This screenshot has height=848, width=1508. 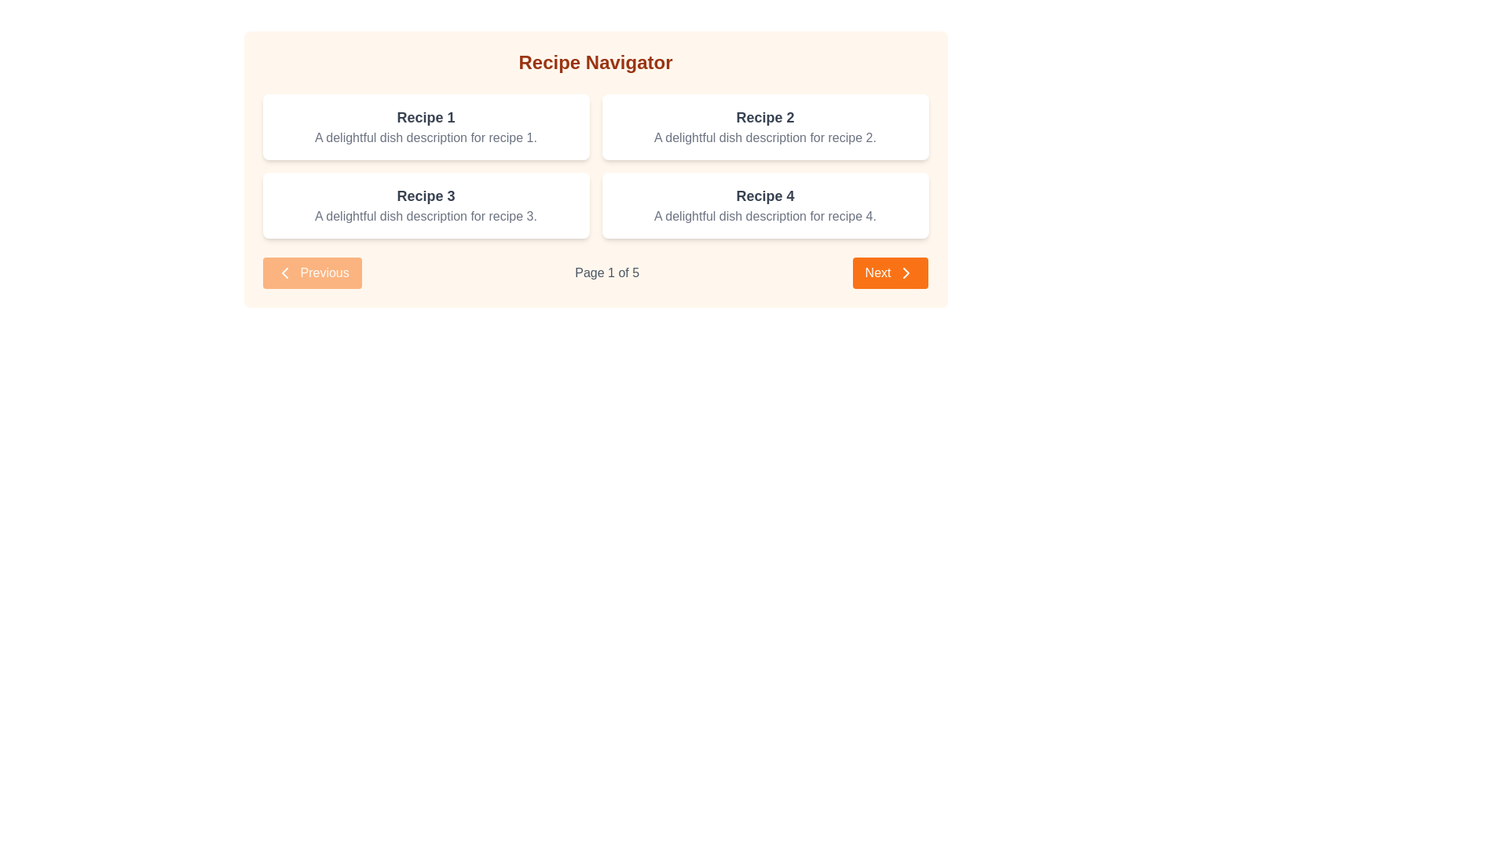 What do you see at coordinates (765, 205) in the screenshot?
I see `the recipe card for Recipe 4 located in the bottom-right position of the grid` at bounding box center [765, 205].